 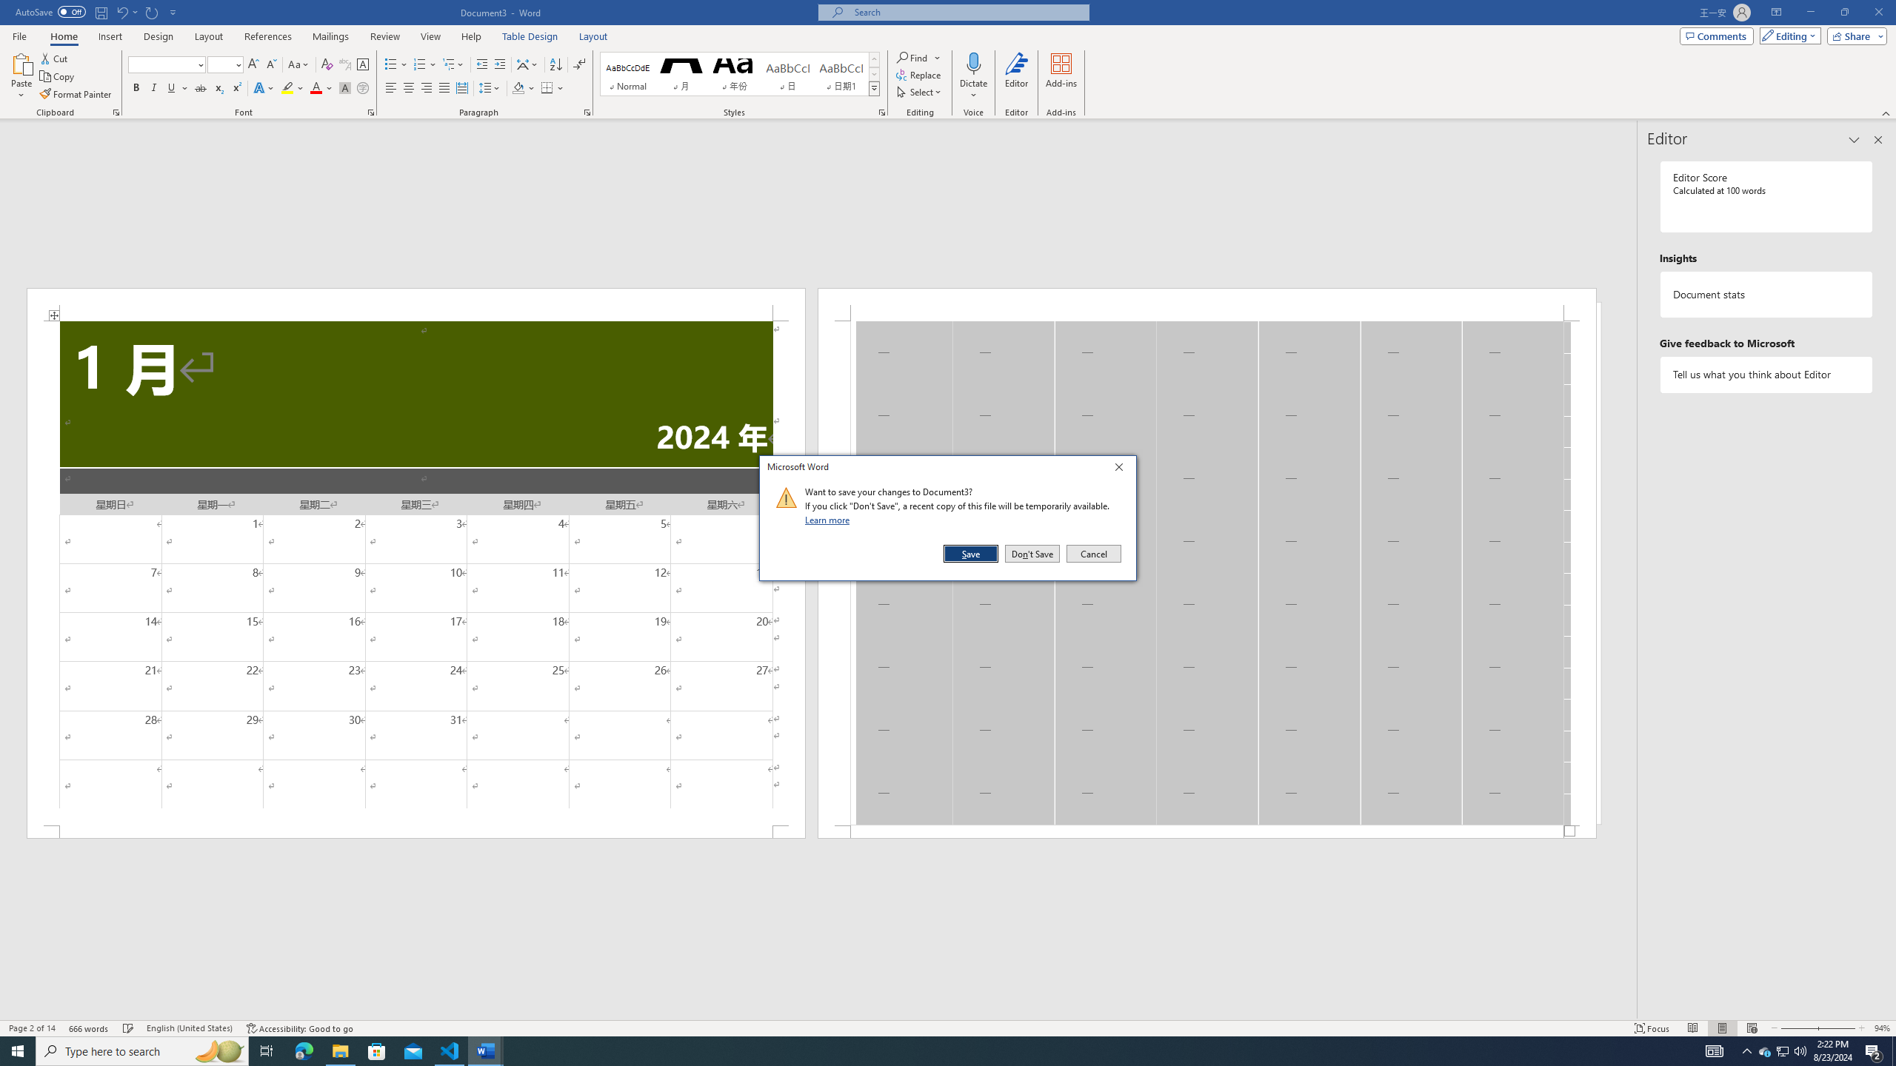 I want to click on 'Search highlights icon opens search home window', so click(x=218, y=1050).